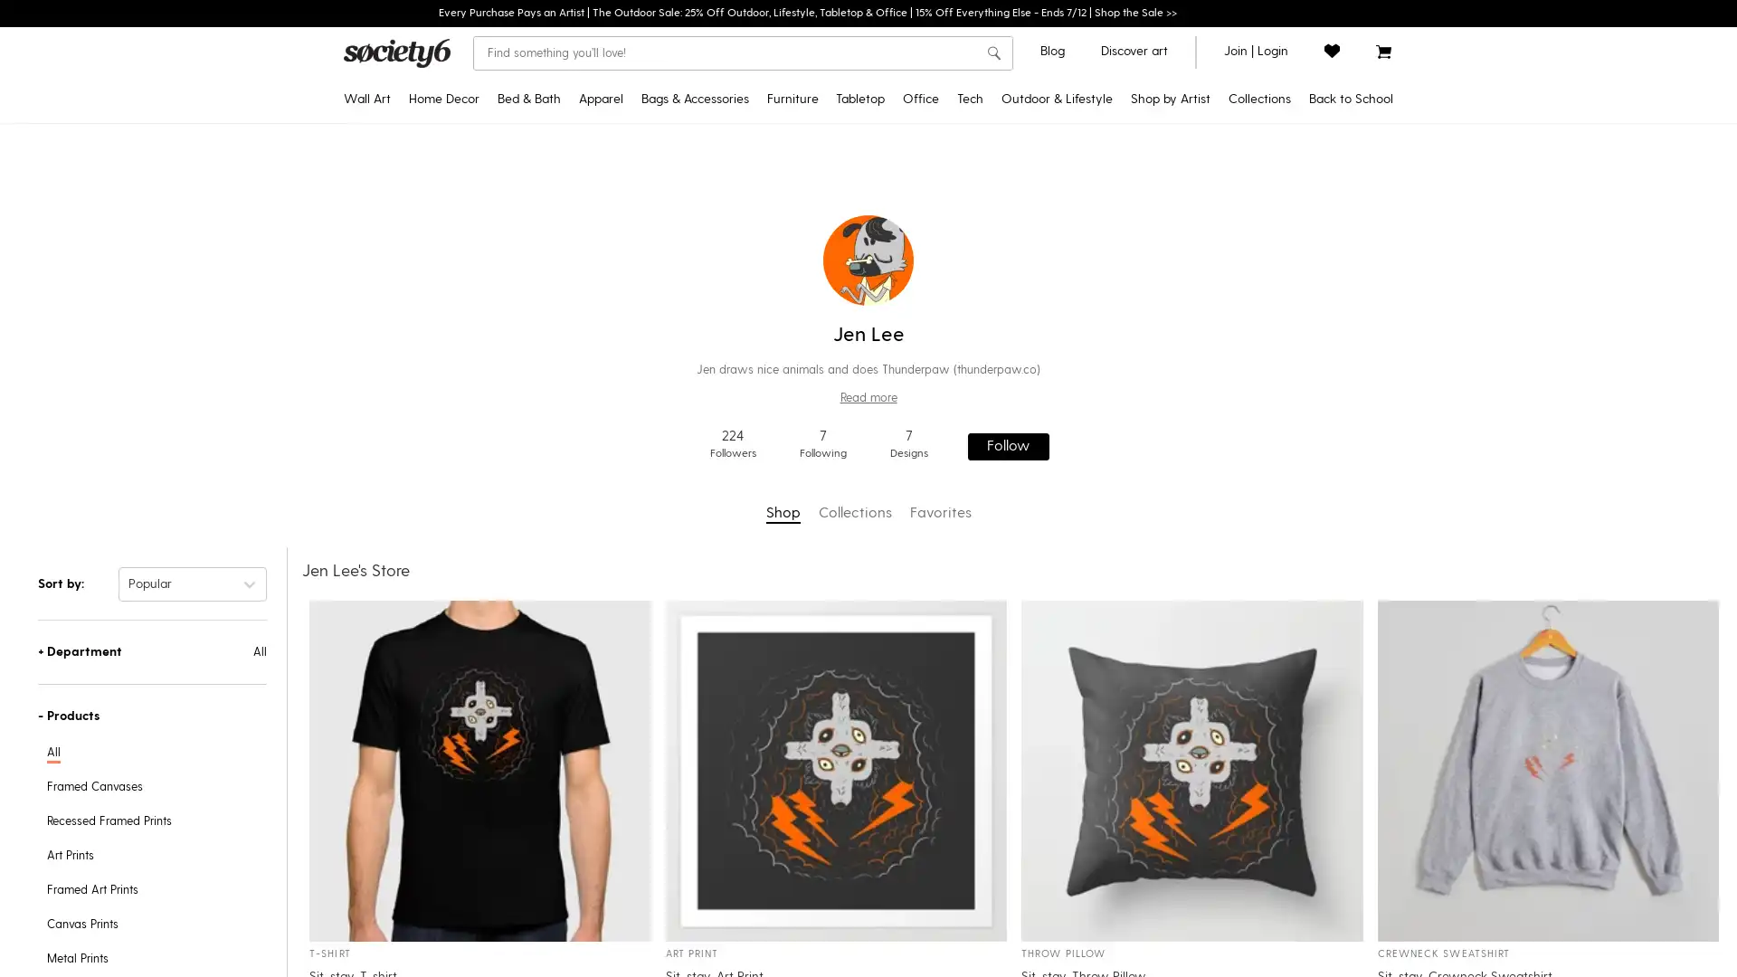 The height and width of the screenshot is (977, 1737). Describe the element at coordinates (1171, 100) in the screenshot. I see `Shop by Artist` at that location.